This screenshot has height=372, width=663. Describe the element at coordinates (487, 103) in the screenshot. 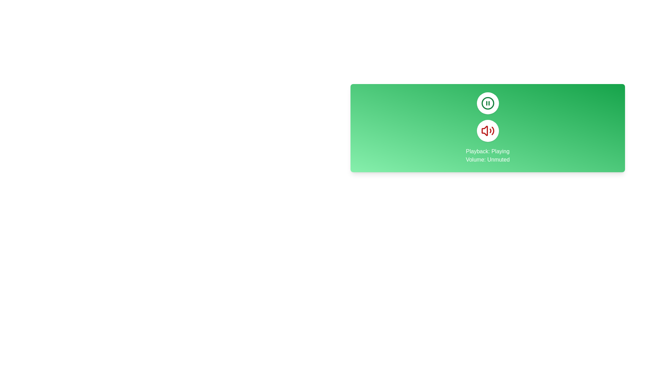

I see `the playback toggle button to toggle the playback state` at that location.